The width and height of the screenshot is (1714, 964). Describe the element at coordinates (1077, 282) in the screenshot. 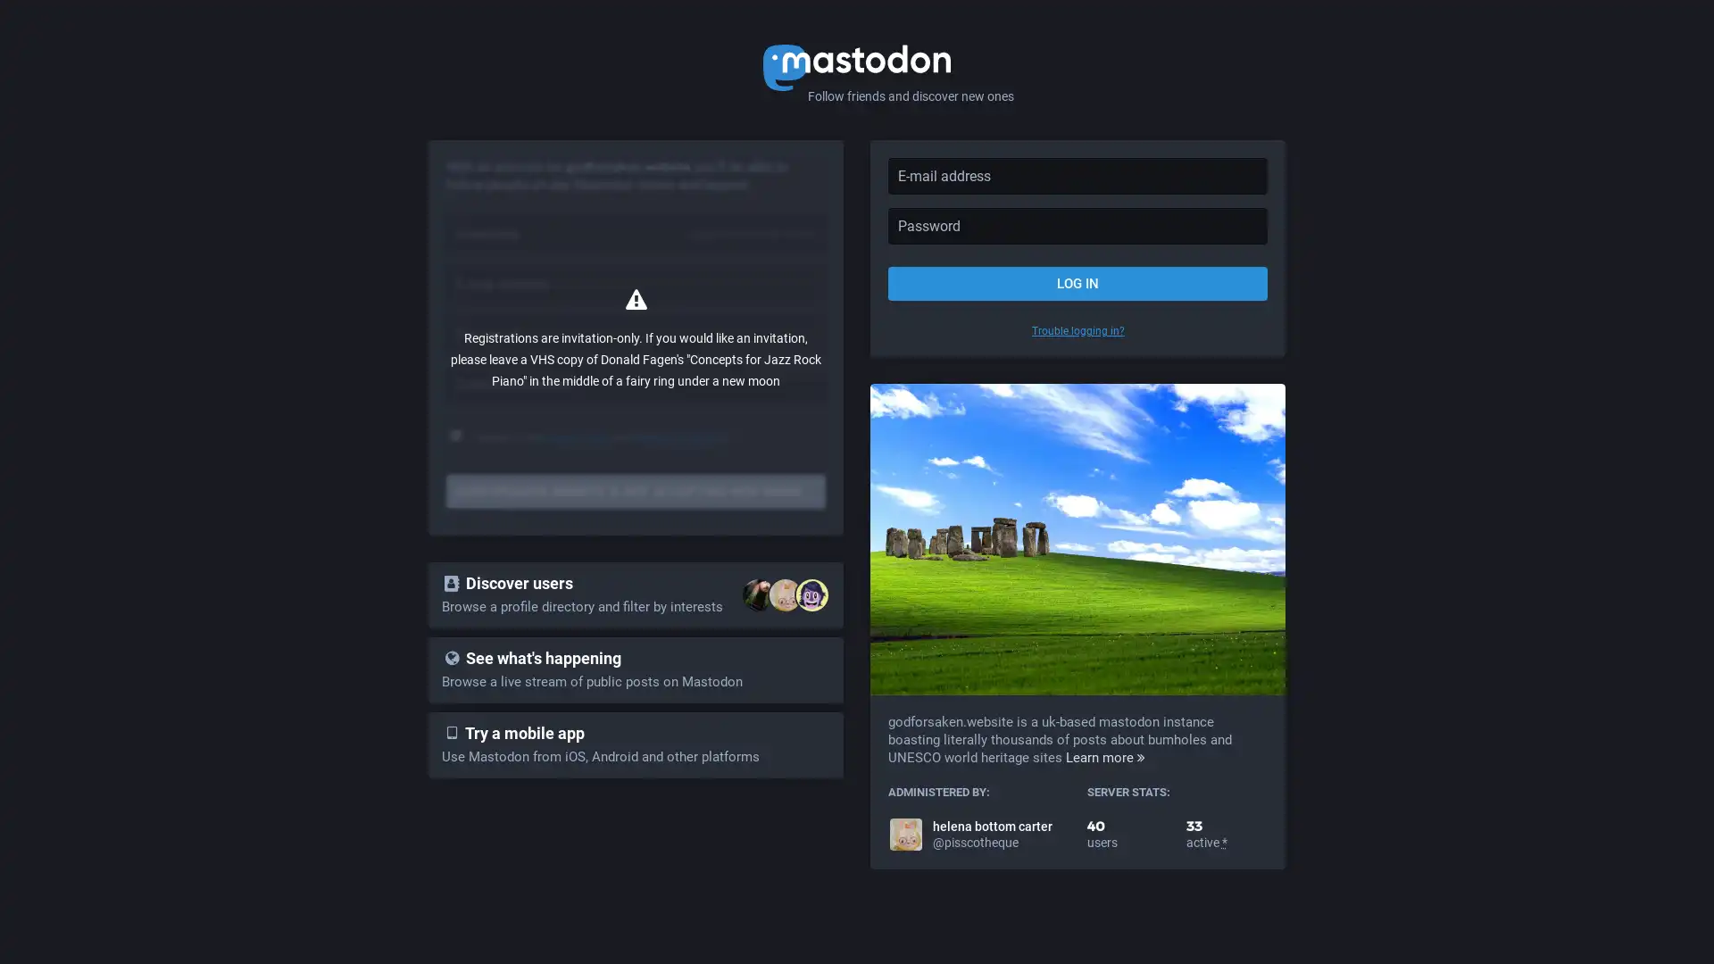

I see `LOG IN` at that location.